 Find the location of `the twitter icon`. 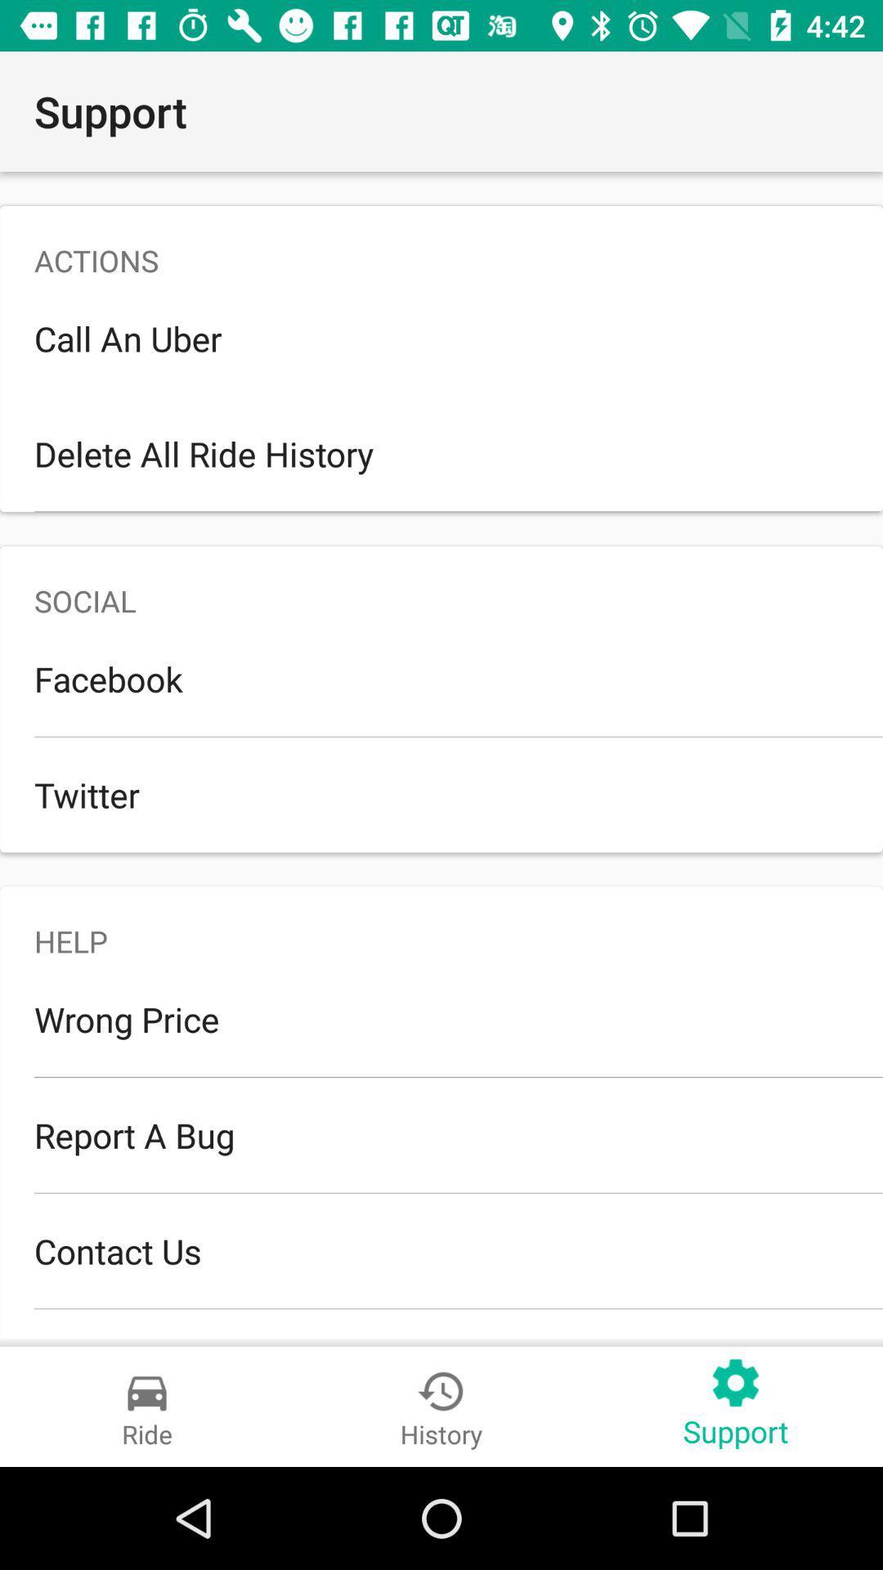

the twitter icon is located at coordinates (441, 794).